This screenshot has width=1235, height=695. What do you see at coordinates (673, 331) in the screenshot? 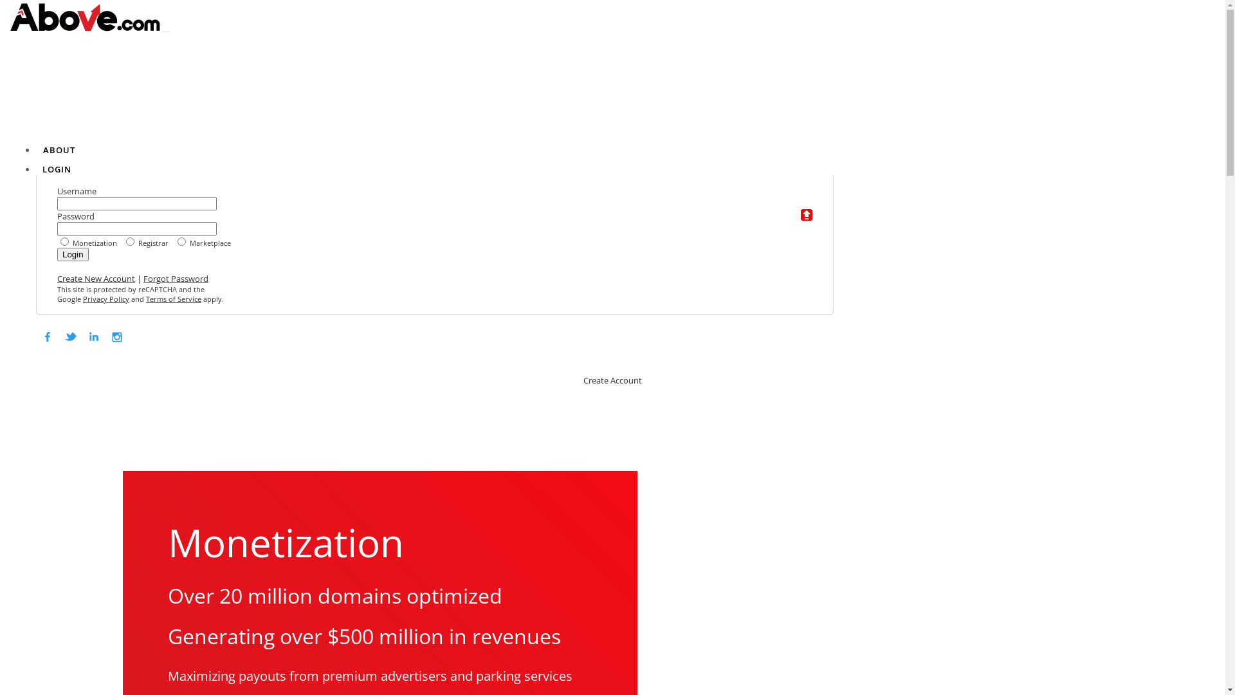
I see `'Brokerage'` at bounding box center [673, 331].